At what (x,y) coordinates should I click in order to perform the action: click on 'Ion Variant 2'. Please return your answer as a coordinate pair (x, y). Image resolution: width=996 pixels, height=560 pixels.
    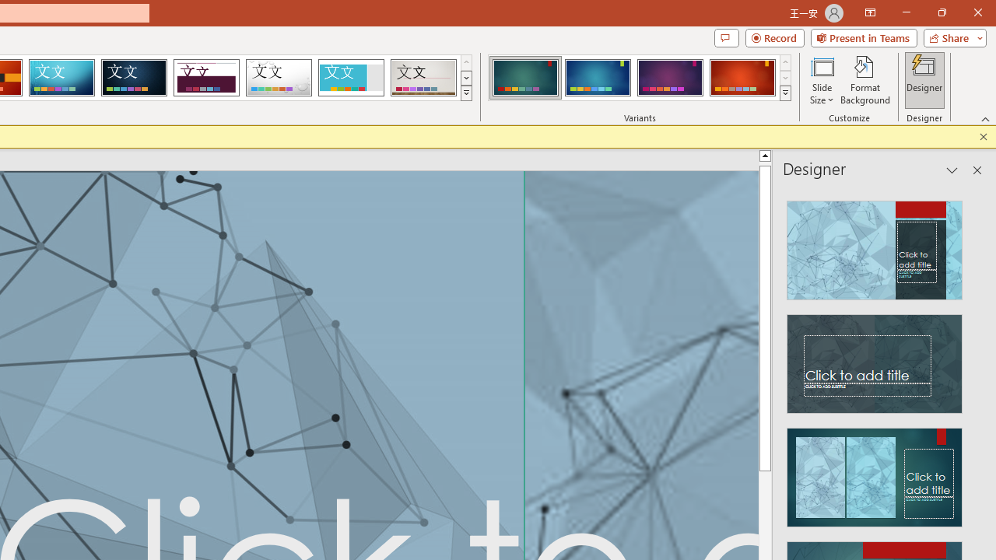
    Looking at the image, I should click on (597, 78).